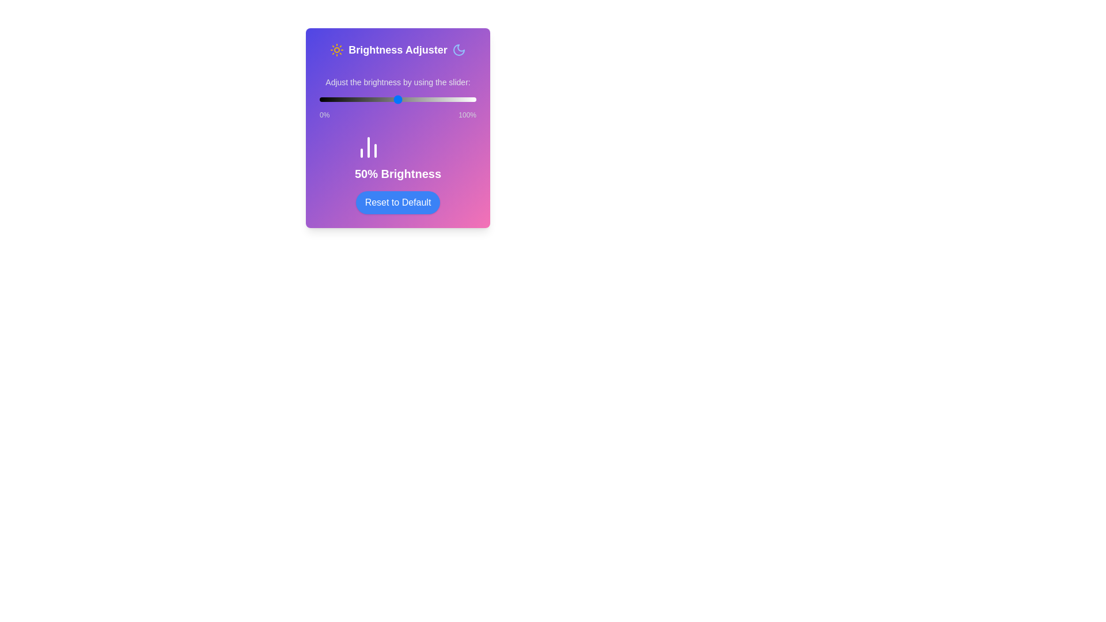 The width and height of the screenshot is (1106, 622). Describe the element at coordinates (465, 99) in the screenshot. I see `the brightness to 93% by moving the slider` at that location.